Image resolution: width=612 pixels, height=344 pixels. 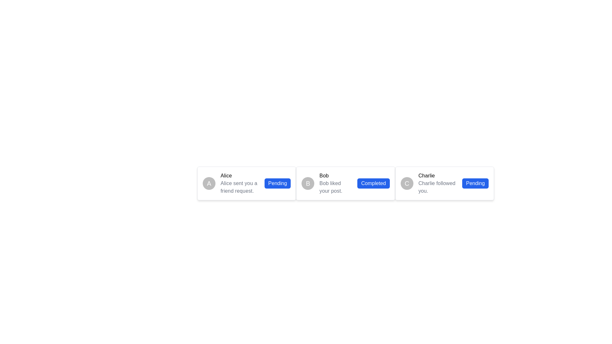 I want to click on the circular blue avatar with the letter 'B' in white text, located on the left side of the notification card that states 'Bob liked your post.', so click(x=308, y=183).